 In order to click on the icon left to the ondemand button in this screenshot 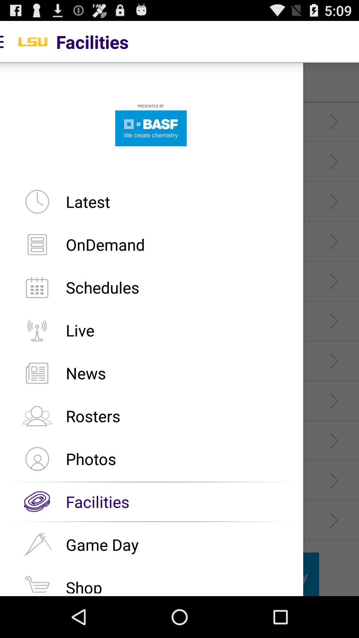, I will do `click(37, 244)`.